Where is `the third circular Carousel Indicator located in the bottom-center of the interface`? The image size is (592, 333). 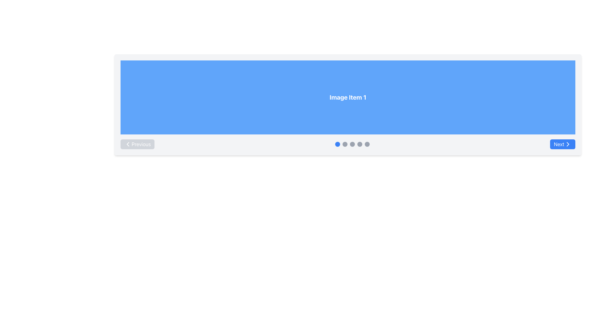
the third circular Carousel Indicator located in the bottom-center of the interface is located at coordinates (352, 144).